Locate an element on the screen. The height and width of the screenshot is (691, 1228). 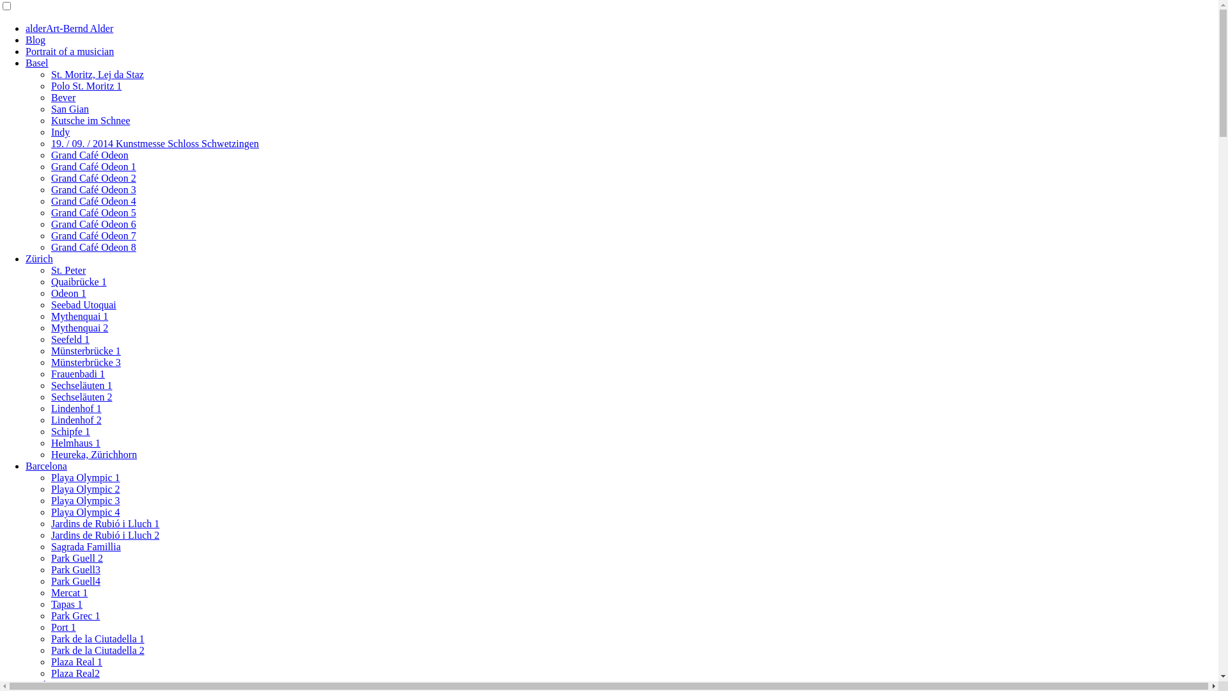
'Kutsche im Schnee' is located at coordinates (90, 120).